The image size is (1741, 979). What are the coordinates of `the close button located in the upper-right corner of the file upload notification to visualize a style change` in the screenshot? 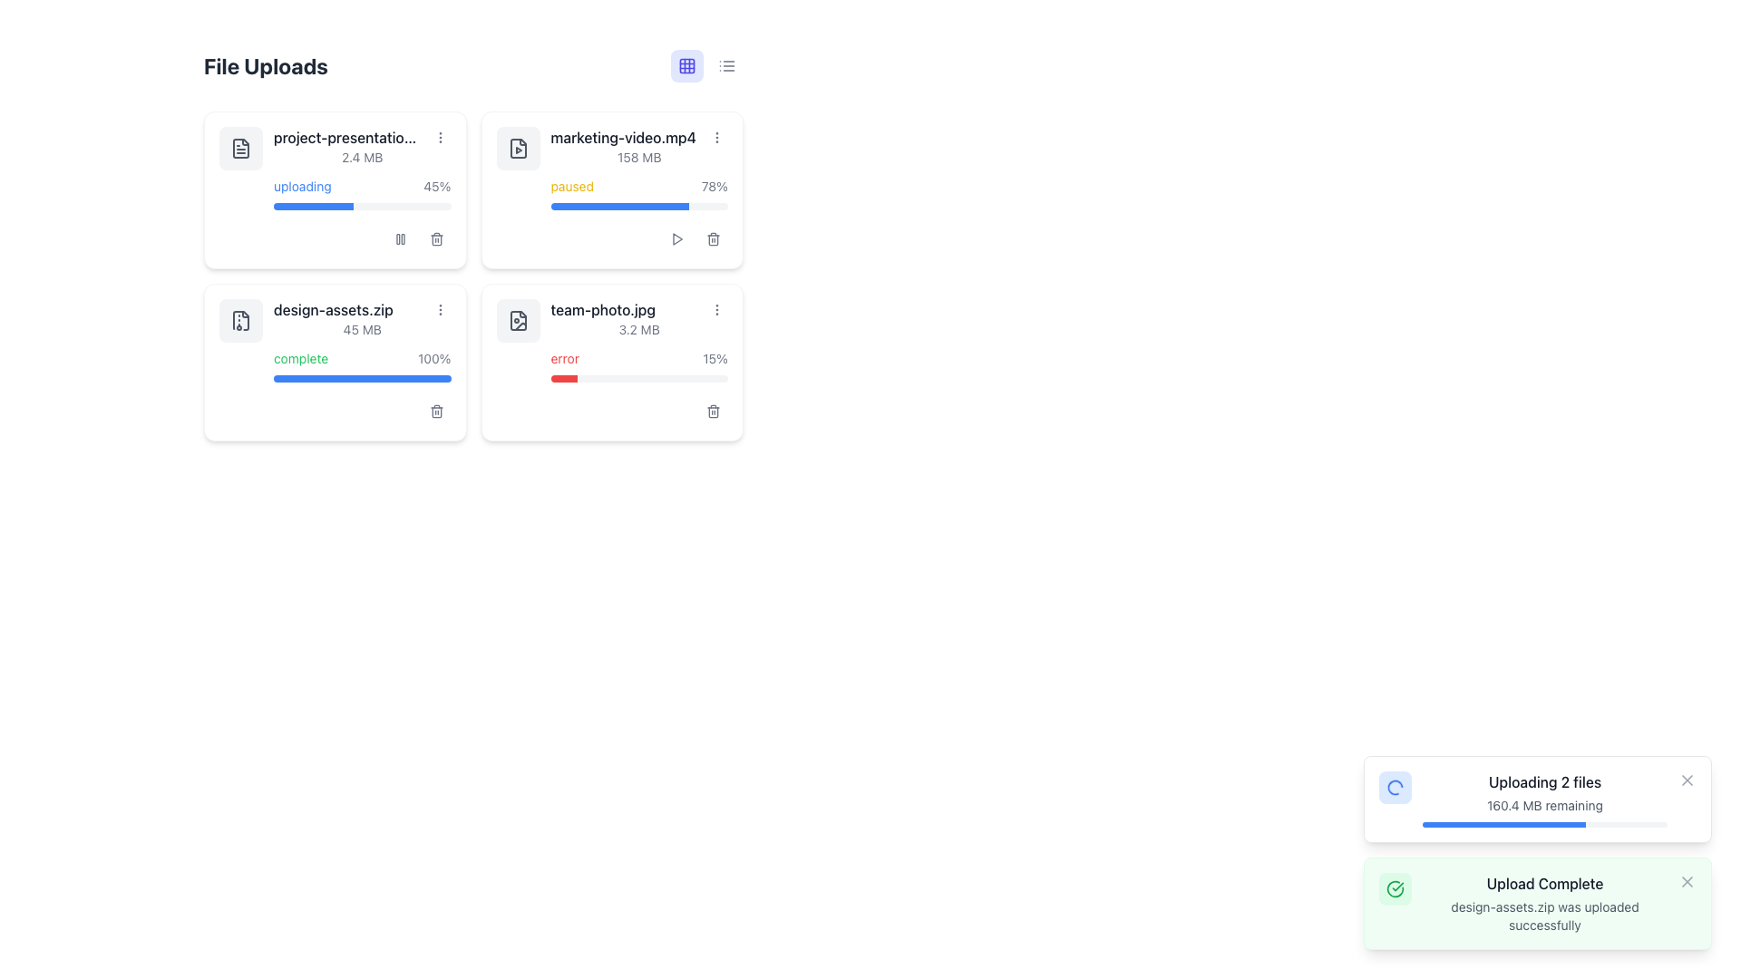 It's located at (1687, 779).